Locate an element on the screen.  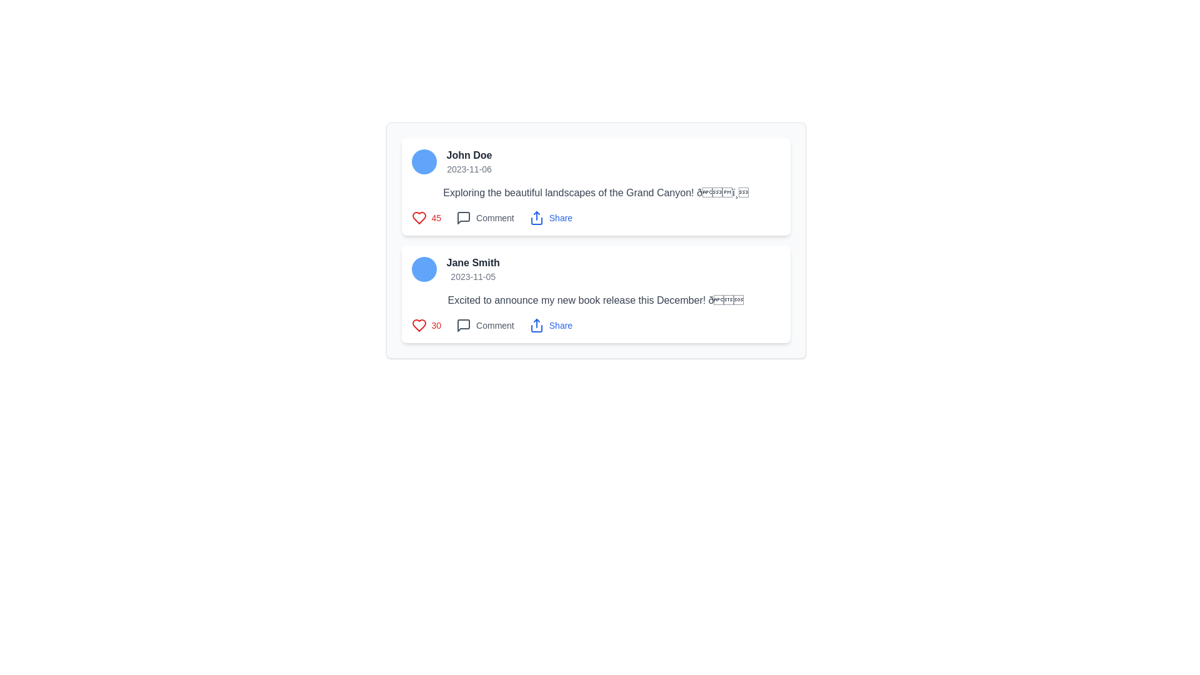
the heart icon representing the 'like' feature for the post by 'Jane Smith' is located at coordinates (419, 324).